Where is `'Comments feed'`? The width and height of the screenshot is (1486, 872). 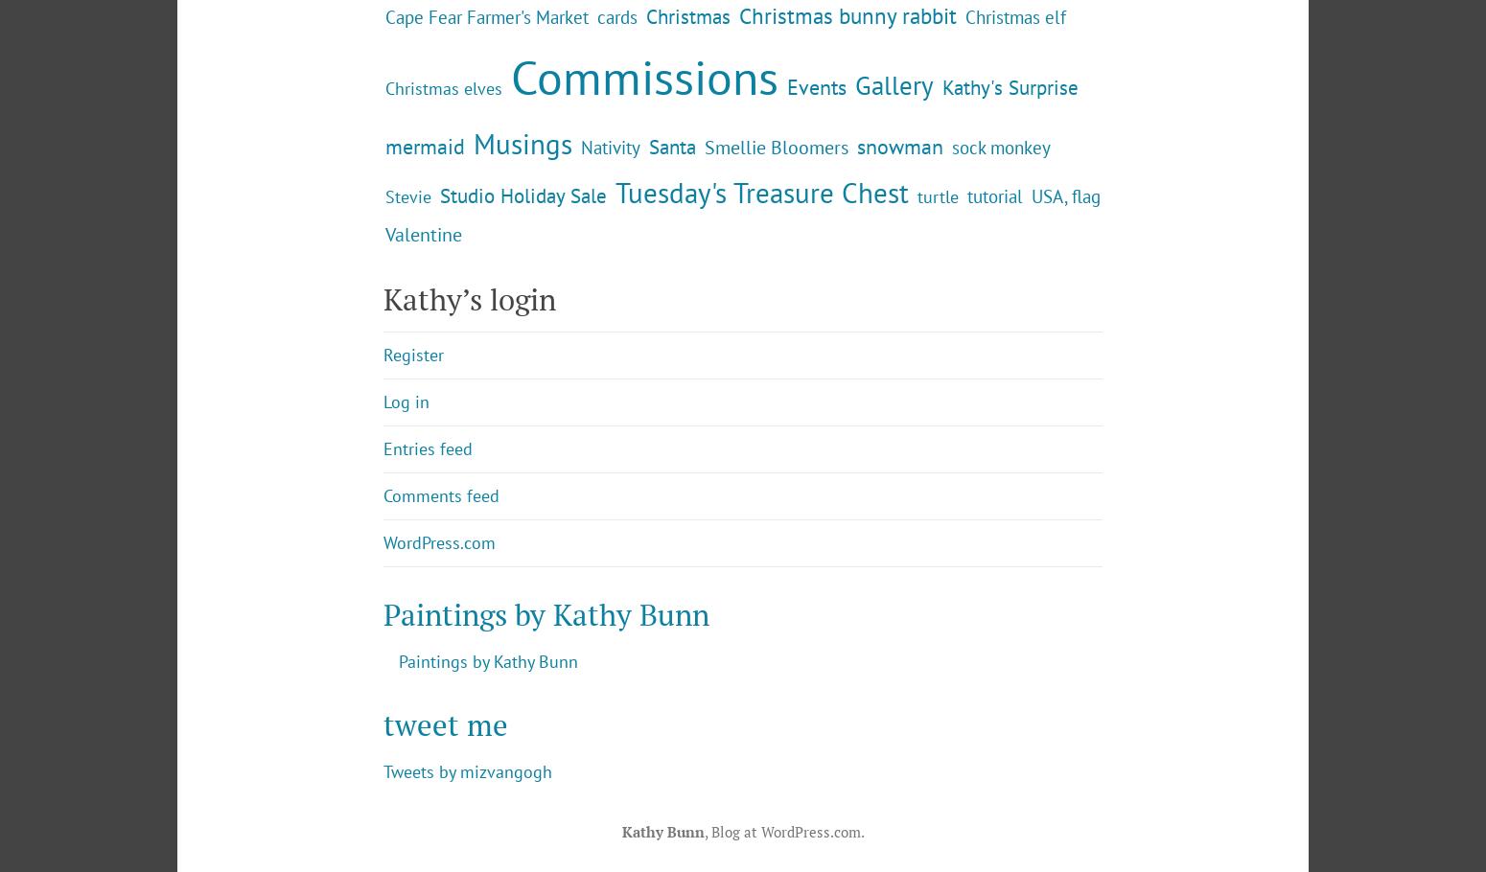 'Comments feed' is located at coordinates (441, 653).